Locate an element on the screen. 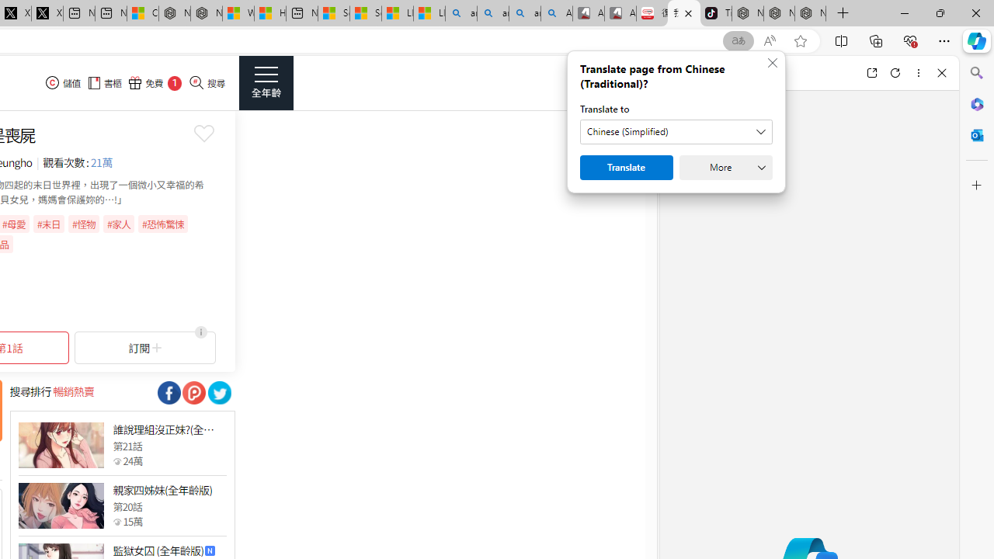 The width and height of the screenshot is (994, 559). 'Class: socialShare' is located at coordinates (218, 392).